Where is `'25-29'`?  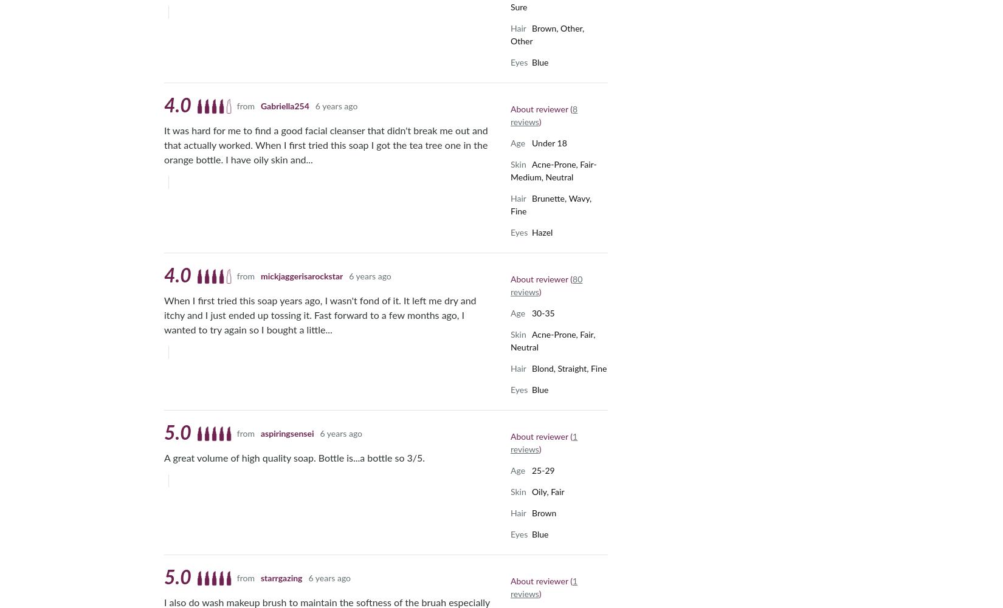
'25-29' is located at coordinates (543, 470).